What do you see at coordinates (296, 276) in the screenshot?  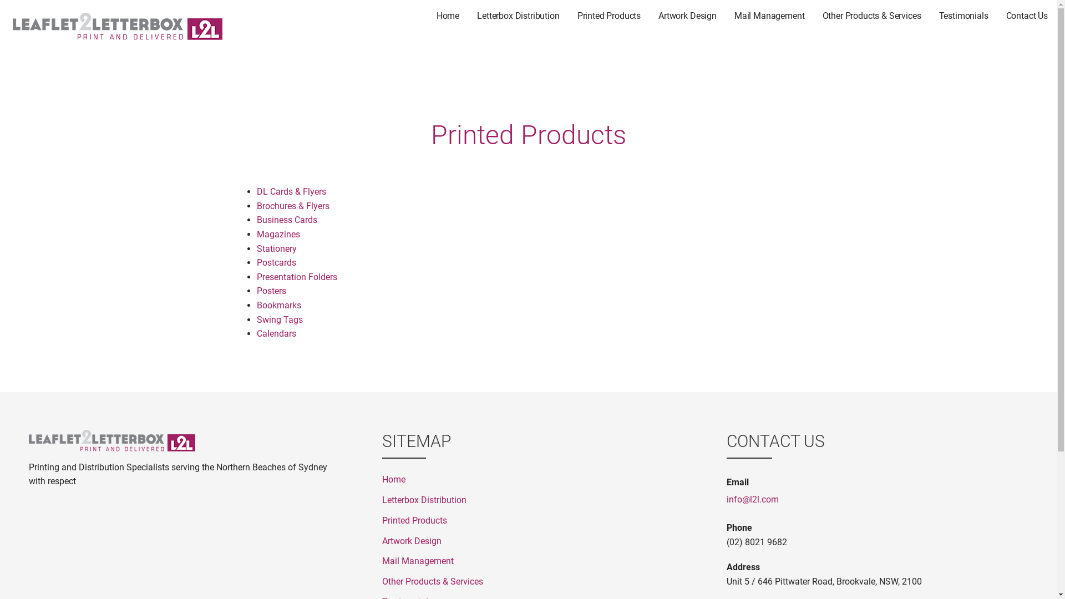 I see `'Presentation Folders'` at bounding box center [296, 276].